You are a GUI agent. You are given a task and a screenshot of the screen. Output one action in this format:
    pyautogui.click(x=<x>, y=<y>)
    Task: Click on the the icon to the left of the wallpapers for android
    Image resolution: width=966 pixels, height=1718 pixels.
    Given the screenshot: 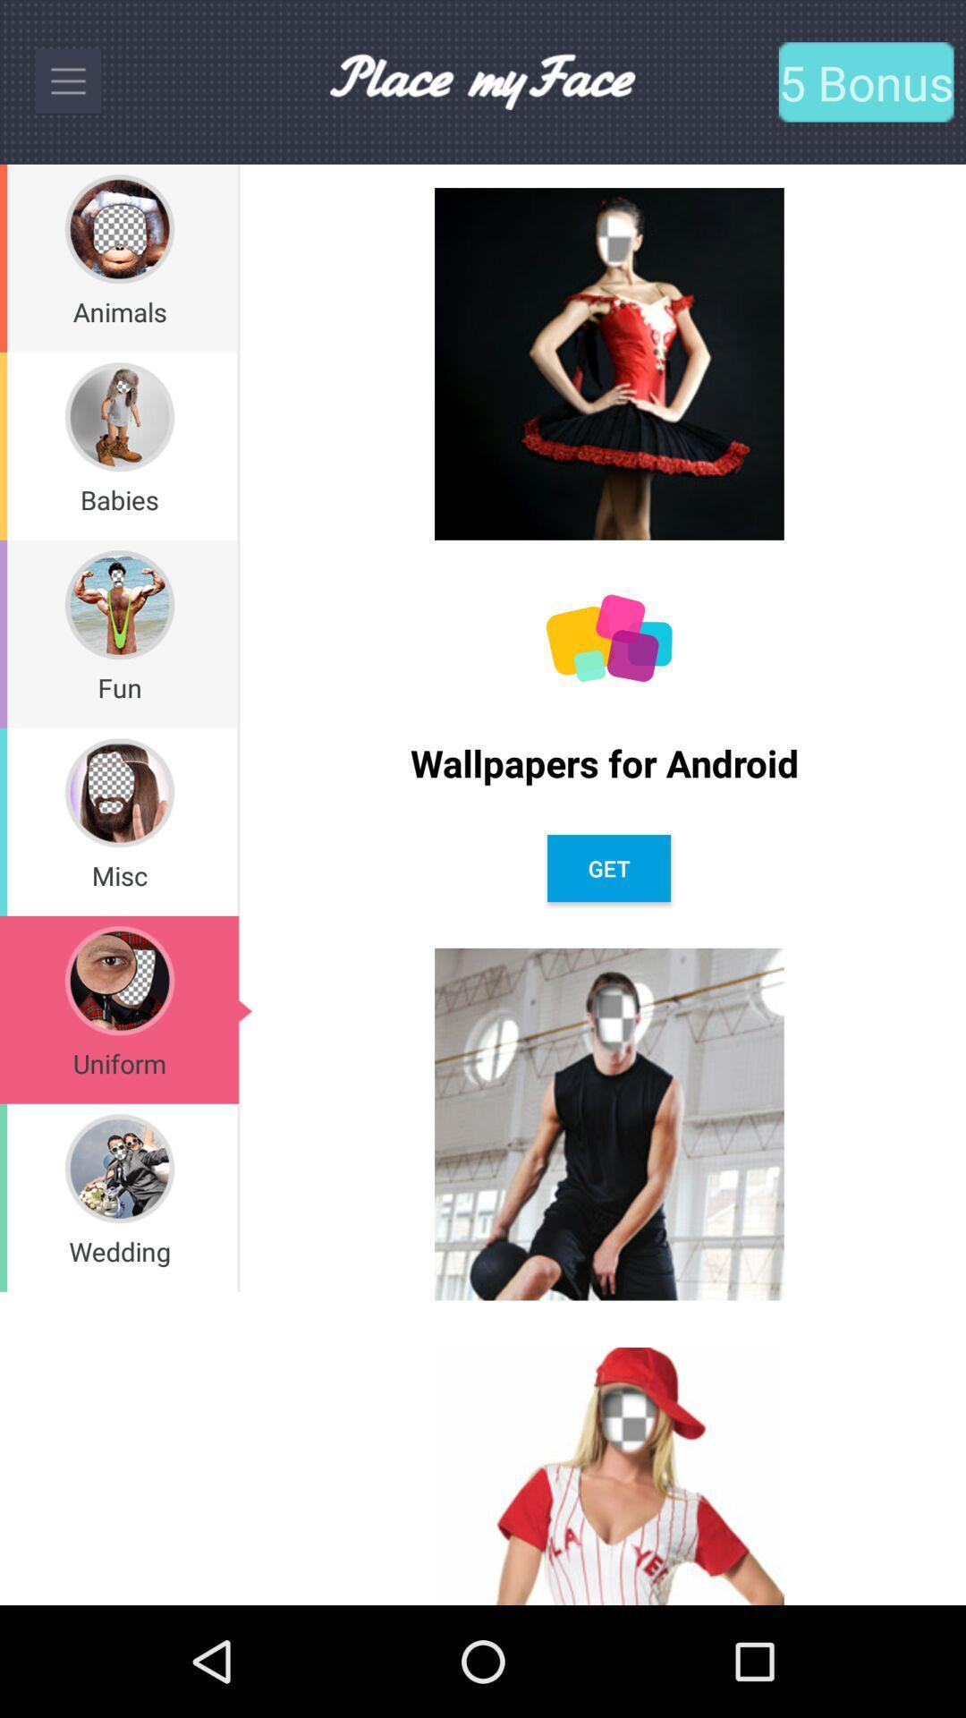 What is the action you would take?
    pyautogui.click(x=237, y=821)
    